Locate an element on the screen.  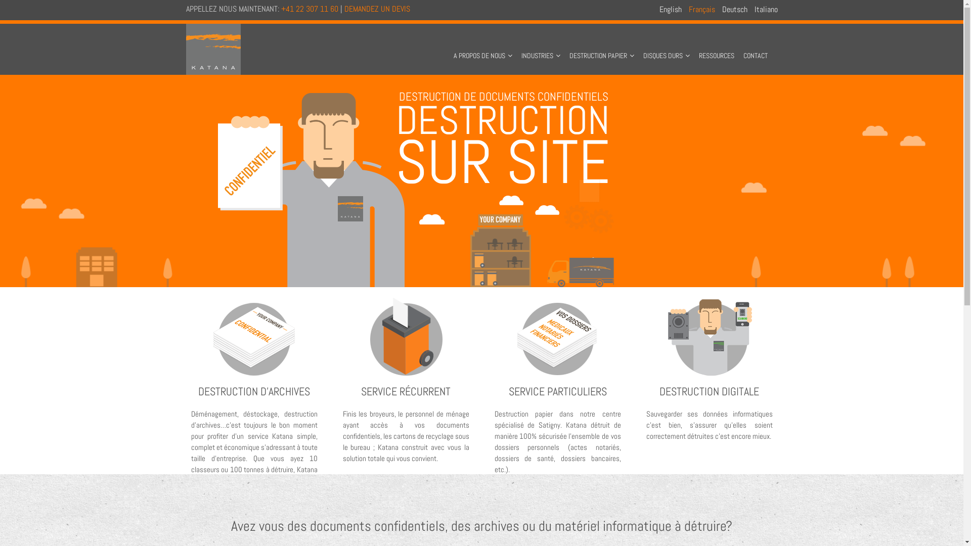
'Deutsch' is located at coordinates (735, 9).